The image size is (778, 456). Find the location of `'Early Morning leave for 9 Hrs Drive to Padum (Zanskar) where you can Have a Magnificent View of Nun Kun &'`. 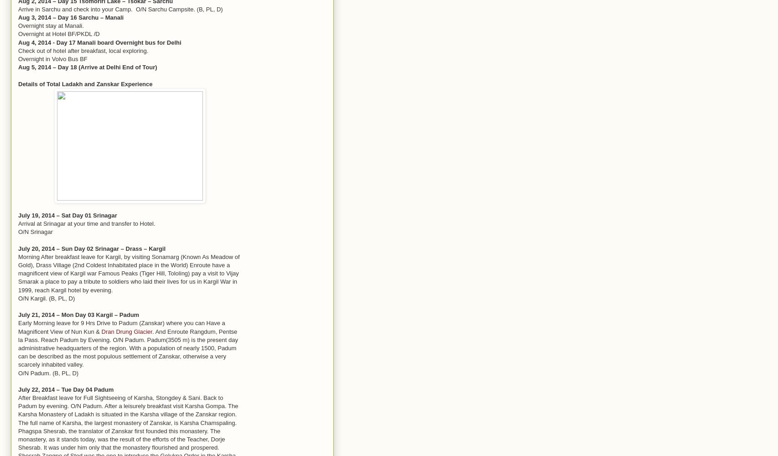

'Early Morning leave for 9 Hrs Drive to Padum (Zanskar) where you can Have a Magnificent View of Nun Kun &' is located at coordinates (121, 326).